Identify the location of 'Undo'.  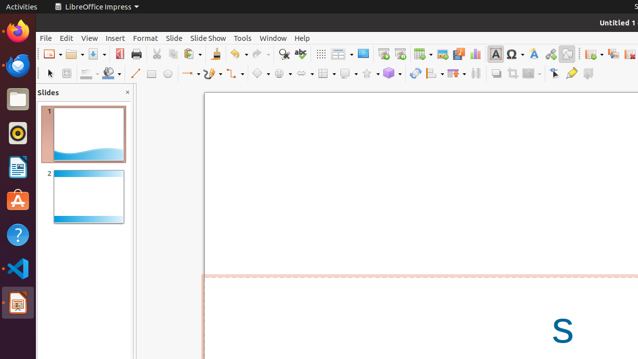
(238, 54).